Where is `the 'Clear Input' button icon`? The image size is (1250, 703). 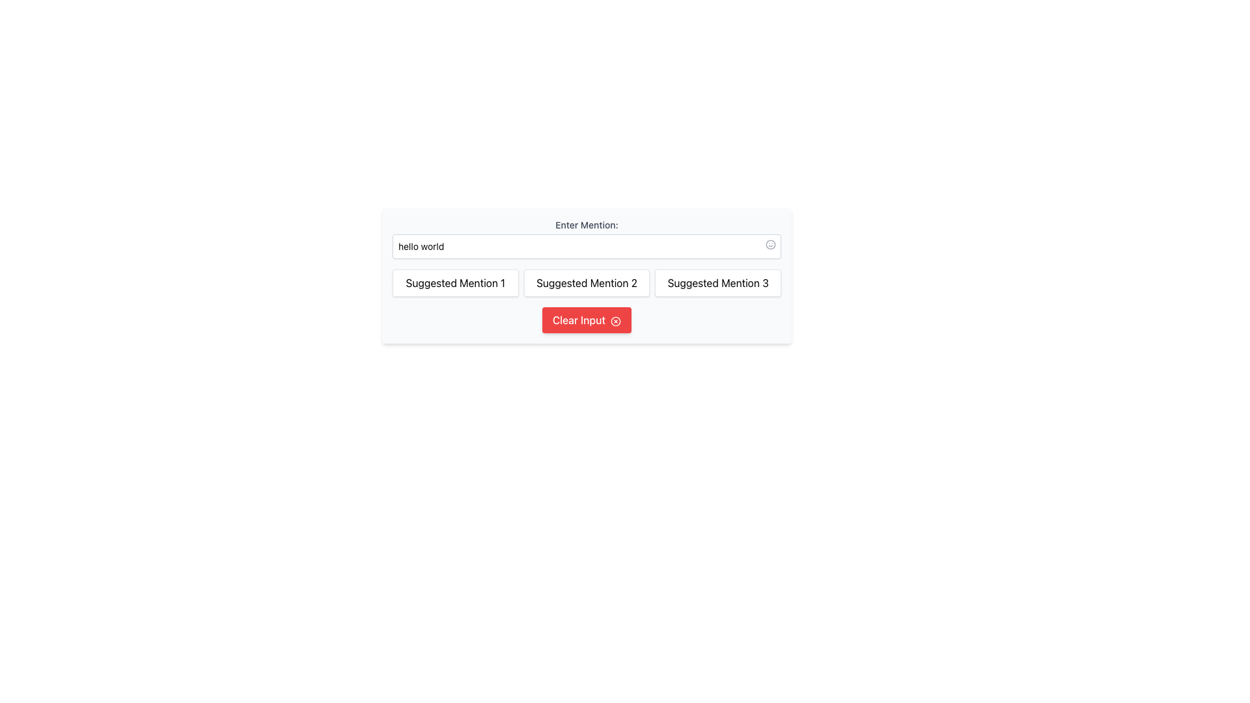 the 'Clear Input' button icon is located at coordinates (615, 321).